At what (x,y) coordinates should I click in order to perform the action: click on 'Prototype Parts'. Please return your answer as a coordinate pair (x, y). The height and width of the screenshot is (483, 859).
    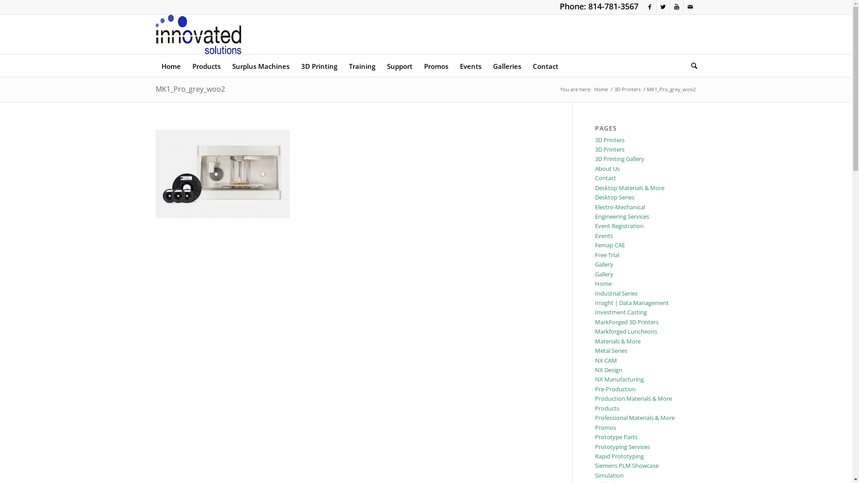
    Looking at the image, I should click on (616, 436).